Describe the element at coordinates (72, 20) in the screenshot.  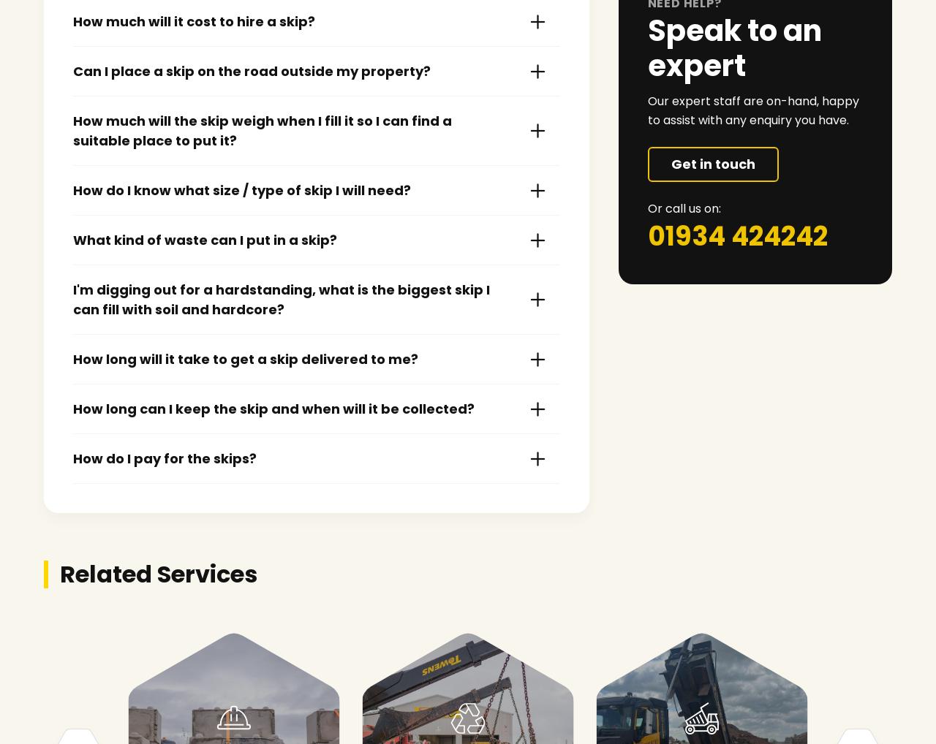
I see `'How much will it cost to hire a skip?'` at that location.